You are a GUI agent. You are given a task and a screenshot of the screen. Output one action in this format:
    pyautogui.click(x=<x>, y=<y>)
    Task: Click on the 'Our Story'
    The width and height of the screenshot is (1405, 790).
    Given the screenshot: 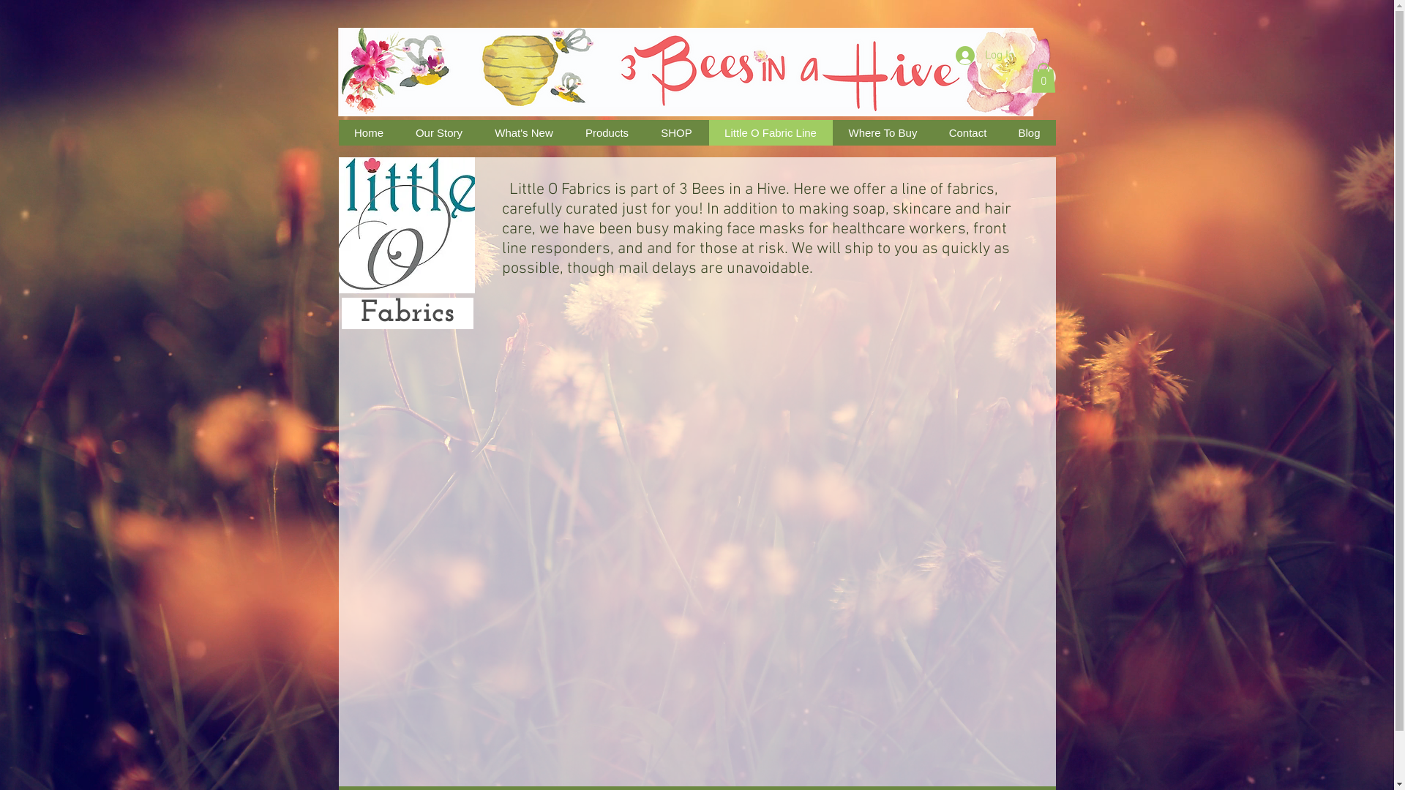 What is the action you would take?
    pyautogui.click(x=438, y=132)
    